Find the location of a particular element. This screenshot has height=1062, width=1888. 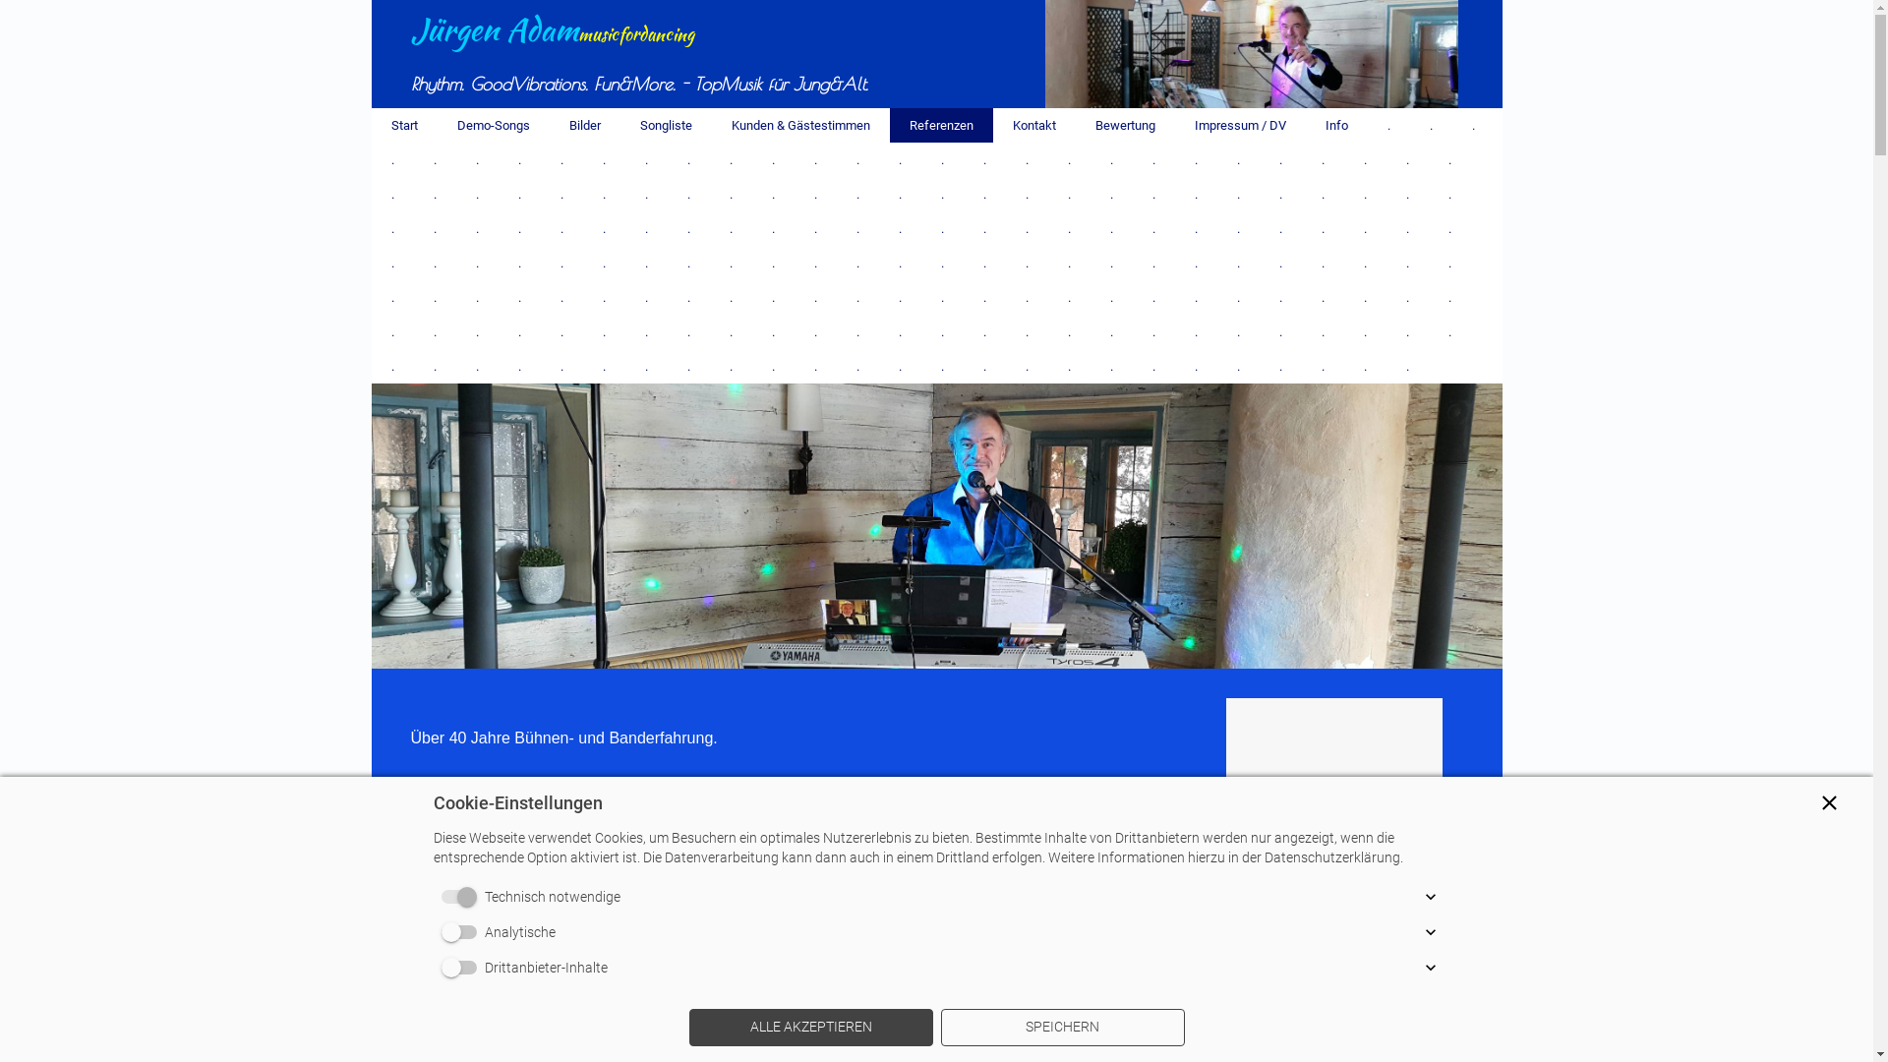

'.' is located at coordinates (1406, 366).